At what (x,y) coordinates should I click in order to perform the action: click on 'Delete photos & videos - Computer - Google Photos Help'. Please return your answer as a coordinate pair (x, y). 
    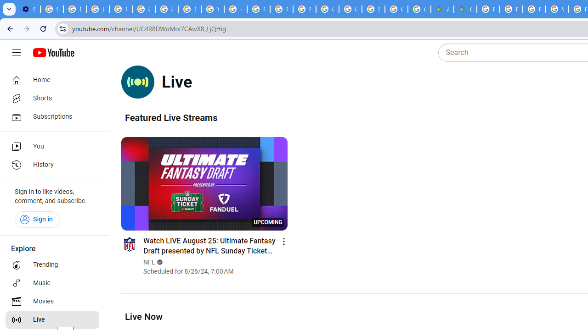
    Looking at the image, I should click on (75, 9).